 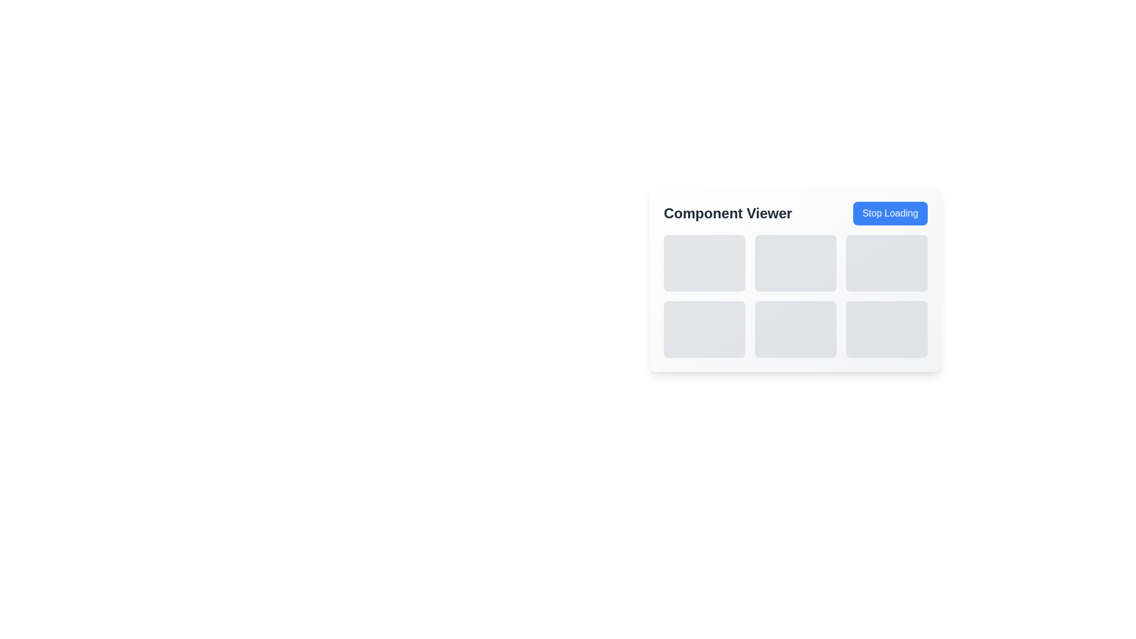 I want to click on the gray rectangular Placeholder box with rounded corners located in the third column of the second row of the grid layout in the 'Component Viewer', so click(x=886, y=329).